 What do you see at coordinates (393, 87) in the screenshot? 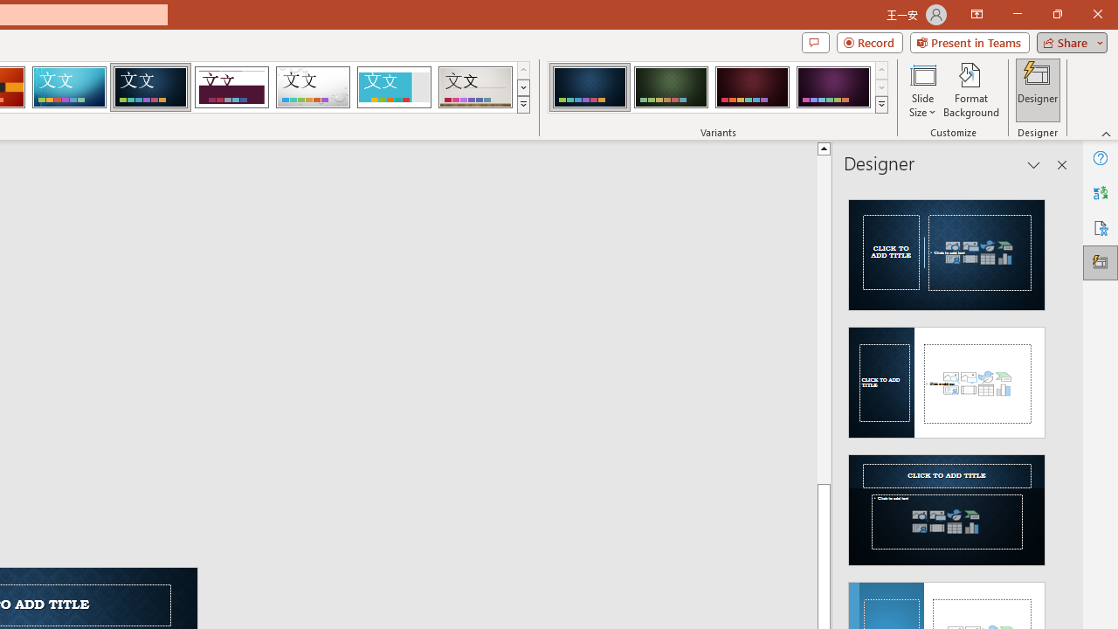
I see `'Frame'` at bounding box center [393, 87].